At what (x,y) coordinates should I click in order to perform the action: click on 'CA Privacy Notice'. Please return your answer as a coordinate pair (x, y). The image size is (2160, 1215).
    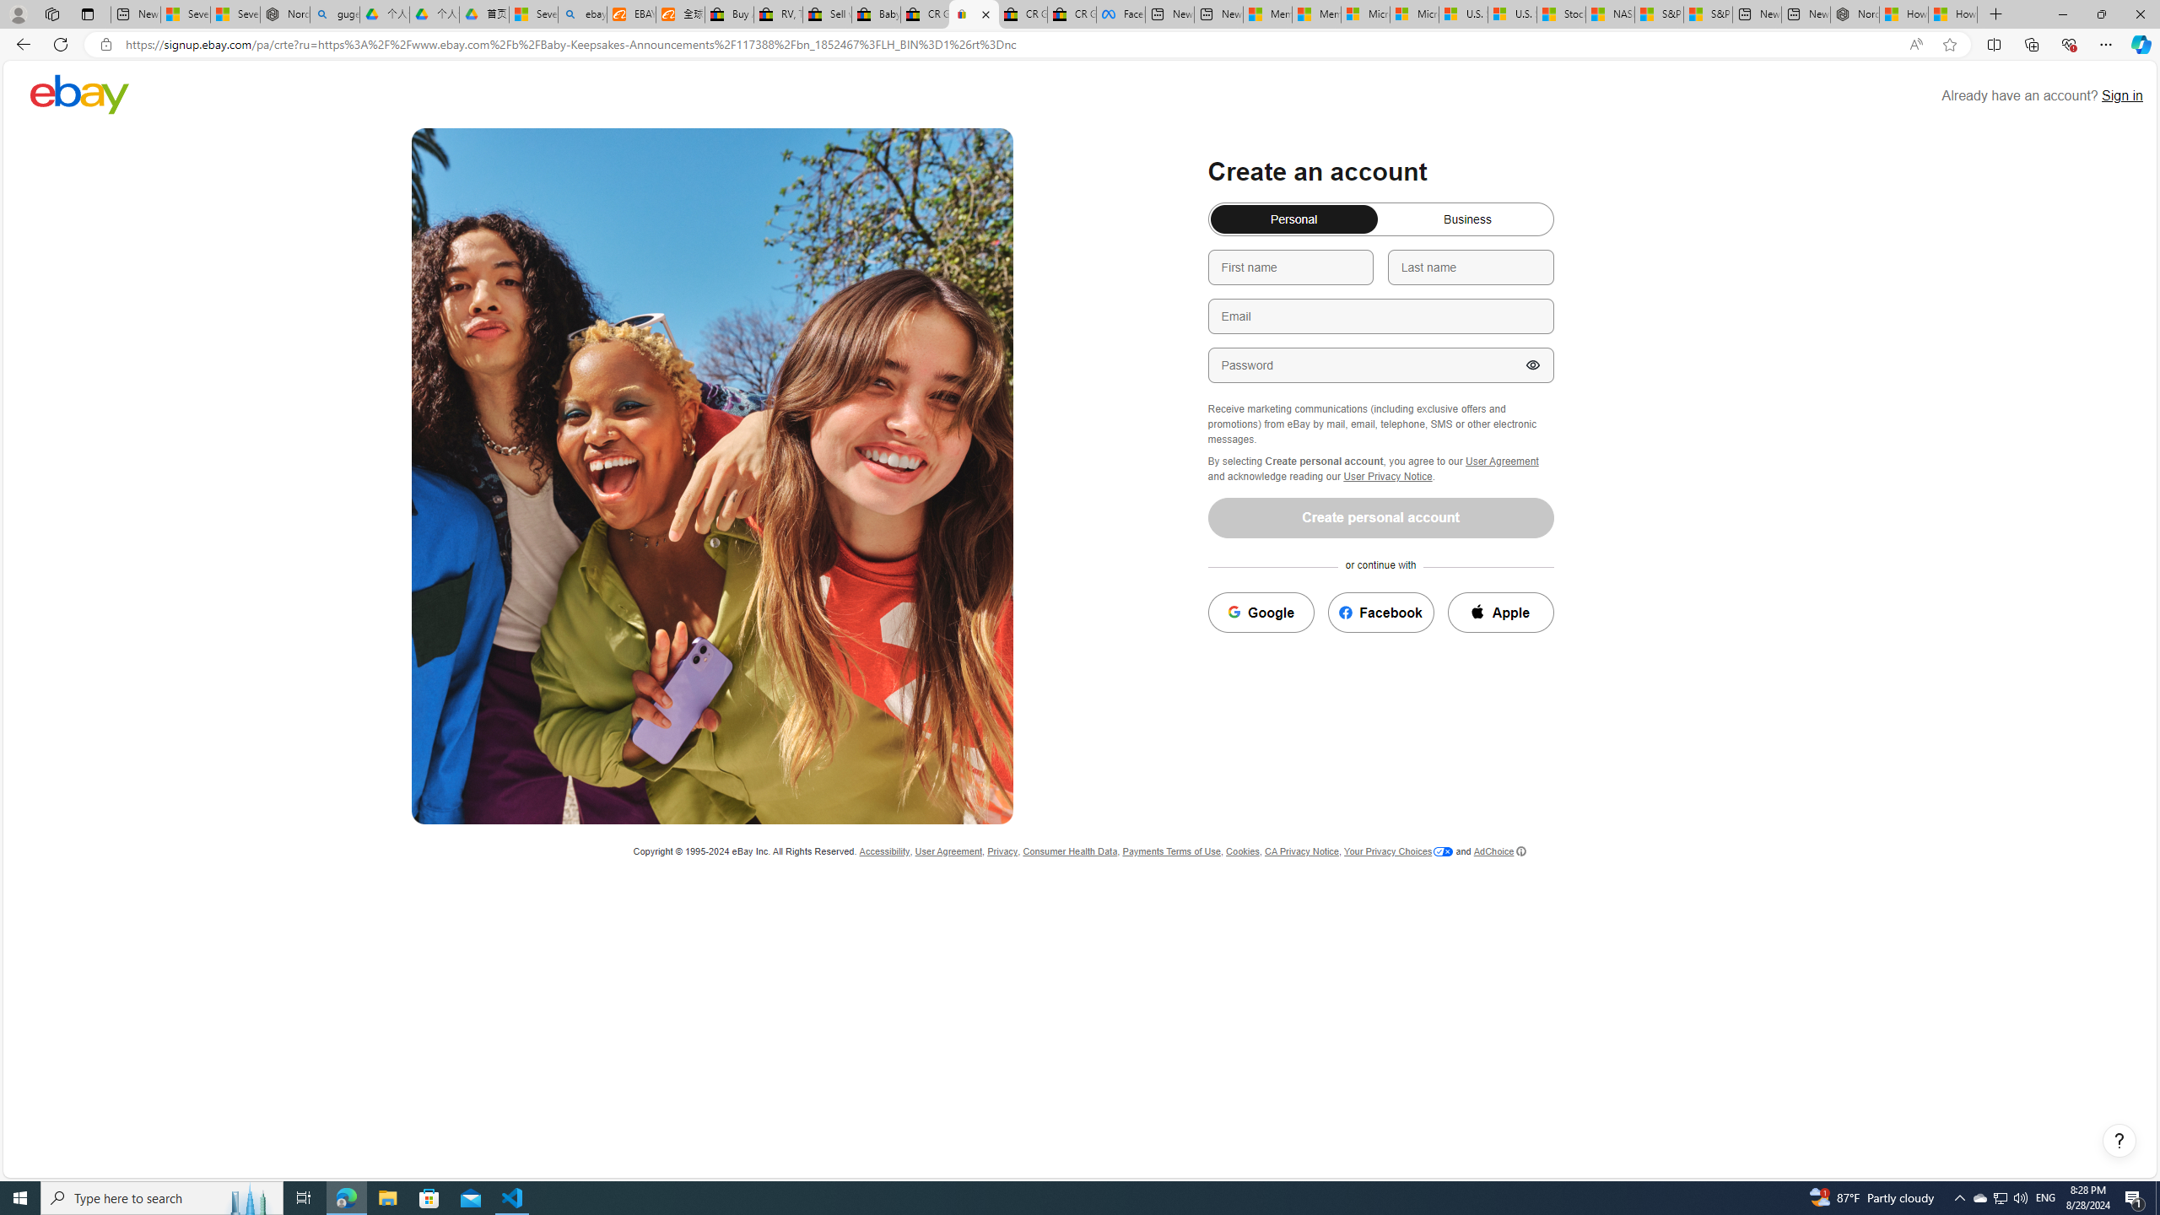
    Looking at the image, I should click on (1300, 850).